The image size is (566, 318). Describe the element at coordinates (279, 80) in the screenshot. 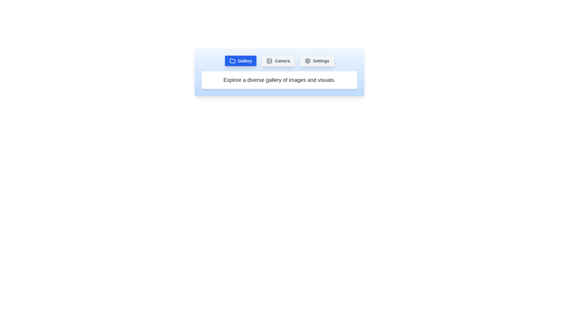

I see `the static text that displays 'Explore a diverse gallery of images and visuals.' This text is bold and large, located in a white rectangular card beneath a blue section with buttons` at that location.